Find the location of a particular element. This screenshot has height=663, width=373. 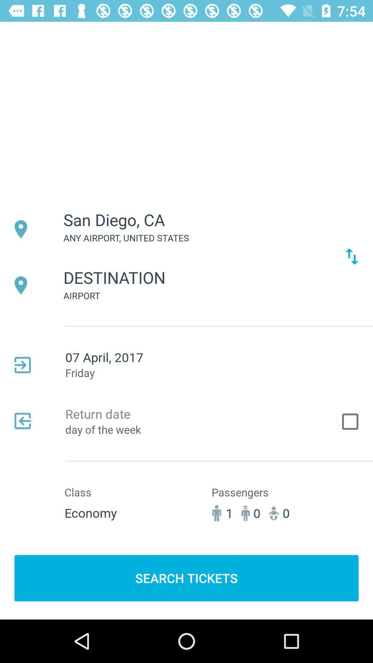

location icon left to san diego ca is located at coordinates (20, 229).